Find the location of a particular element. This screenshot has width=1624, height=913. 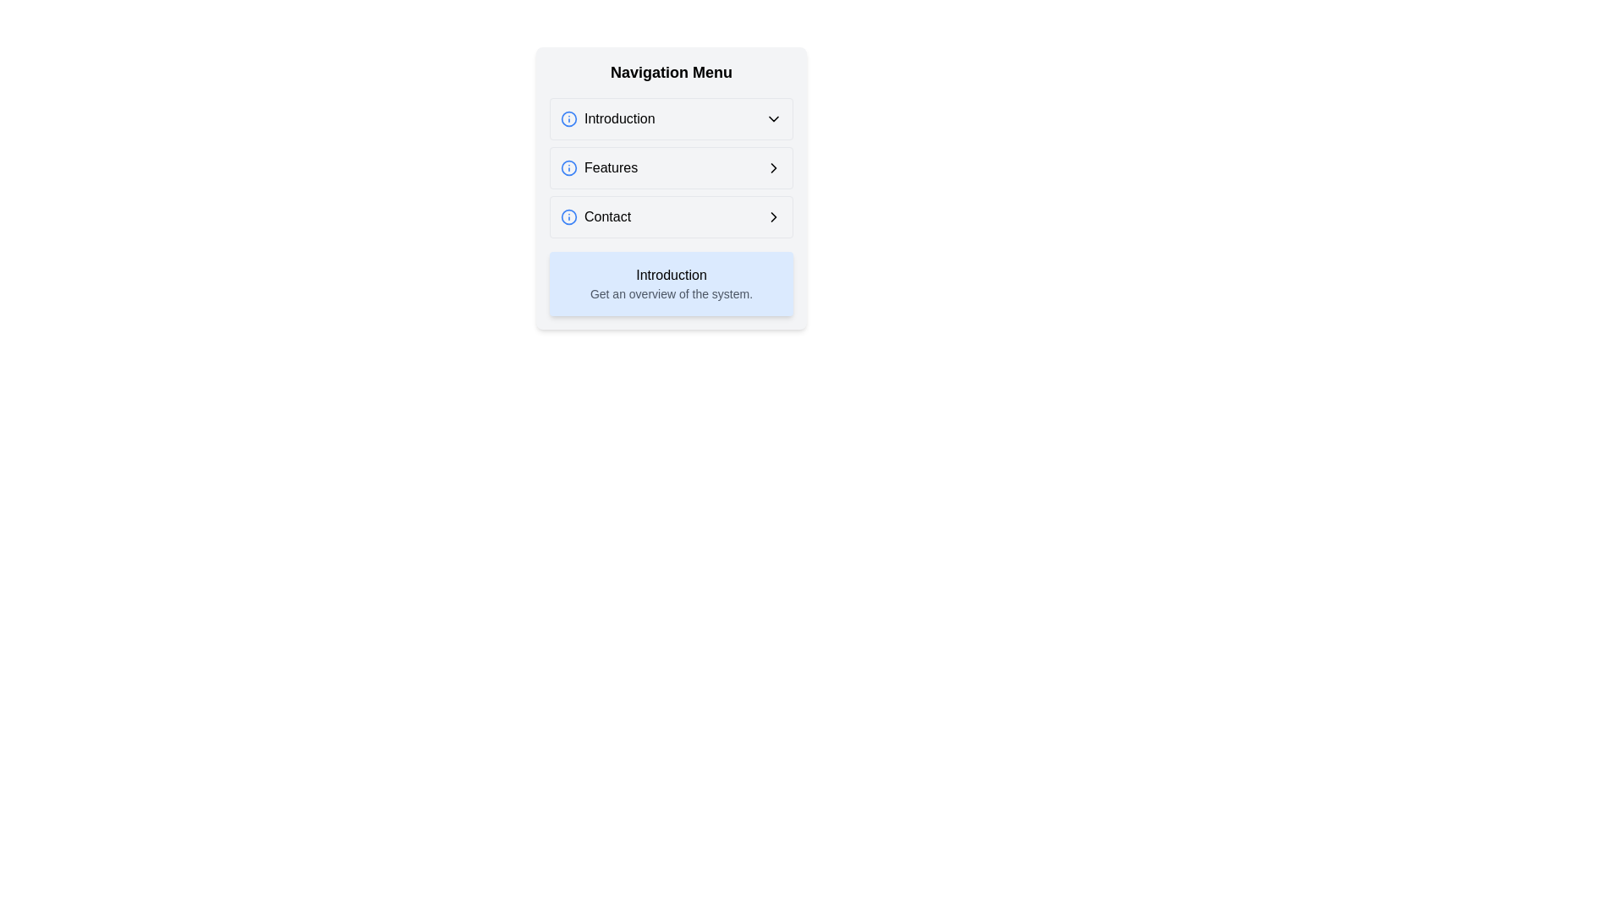

the second item in the 'Navigation Menu' is located at coordinates (599, 168).